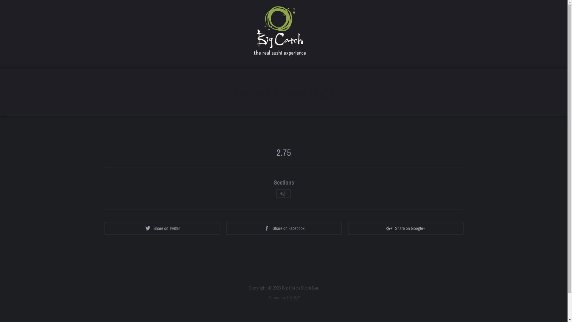 The height and width of the screenshot is (322, 572). Describe the element at coordinates (405, 228) in the screenshot. I see `'Share on Google+'` at that location.